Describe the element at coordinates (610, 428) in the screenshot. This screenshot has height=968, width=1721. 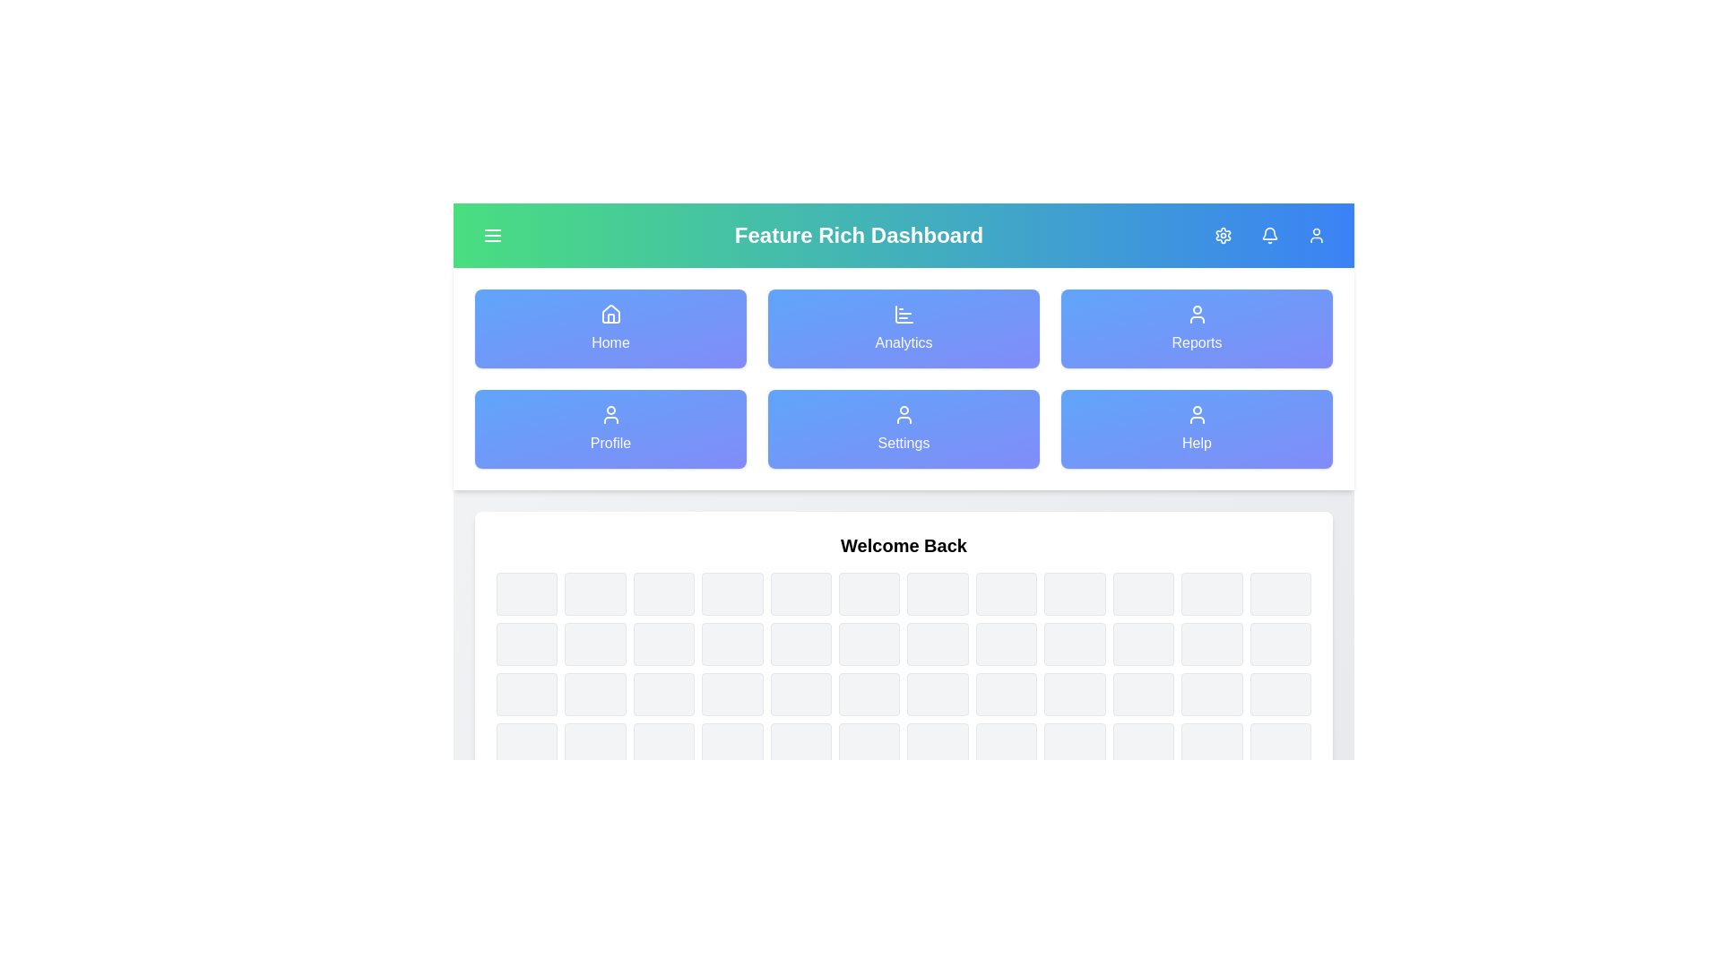
I see `the navigation item labeled Profile` at that location.